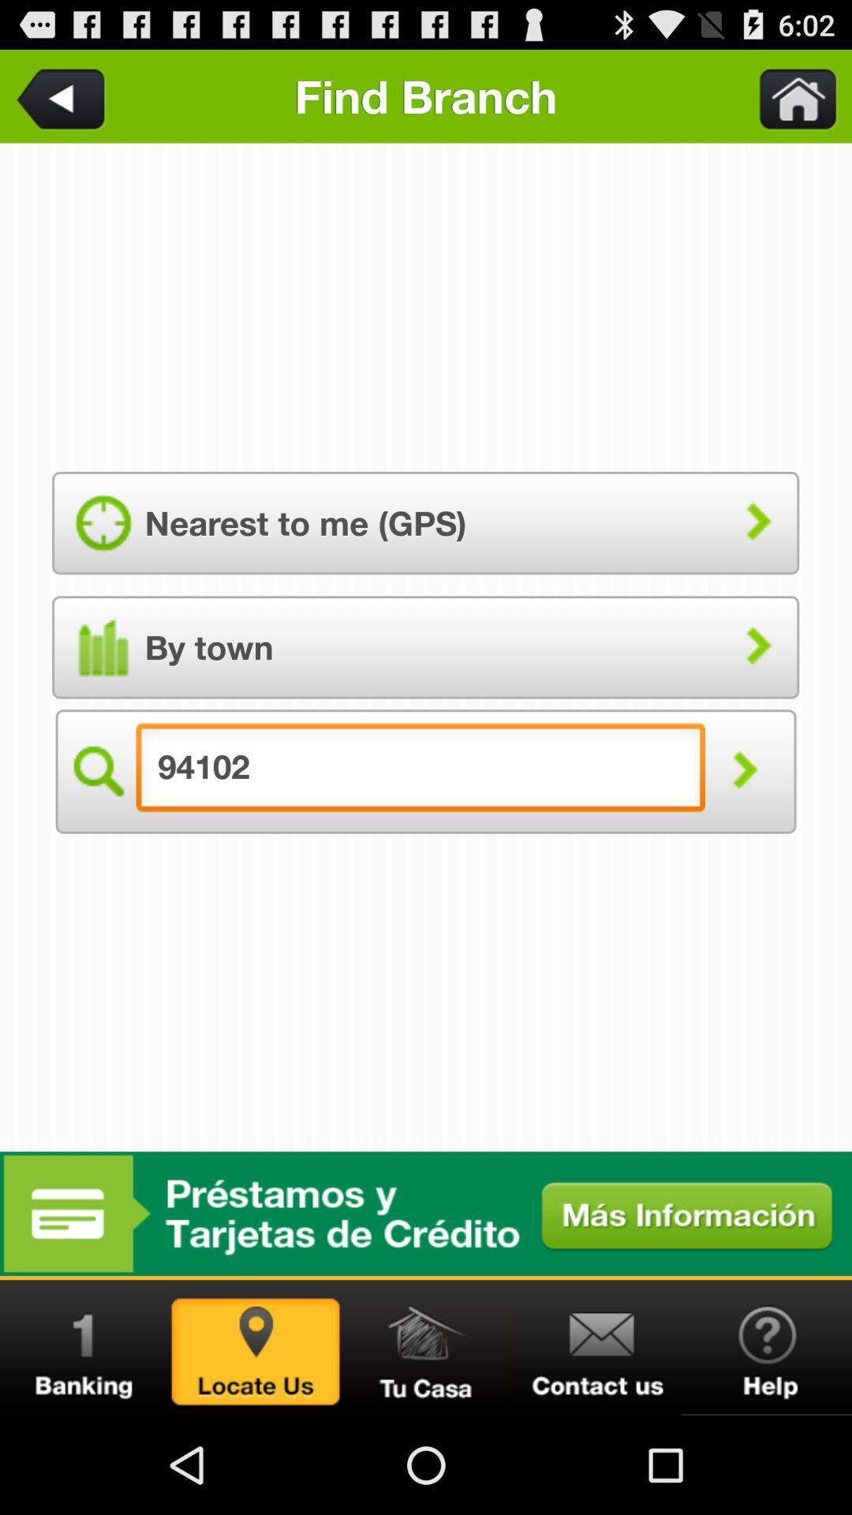 The width and height of the screenshot is (852, 1515). I want to click on banking homepage, so click(85, 1347).